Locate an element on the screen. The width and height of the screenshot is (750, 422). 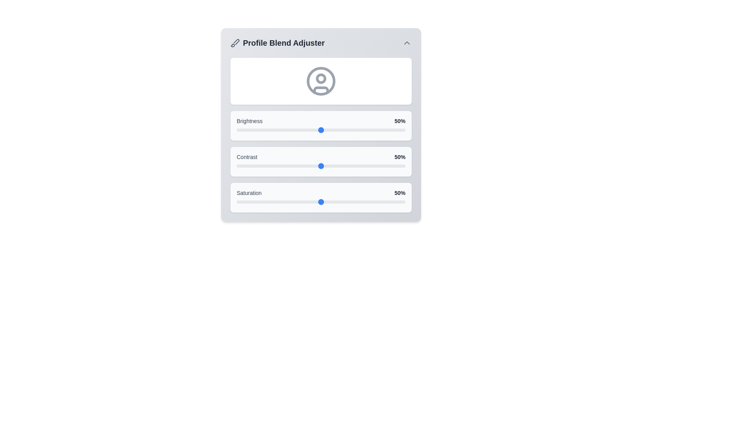
contrast is located at coordinates (375, 165).